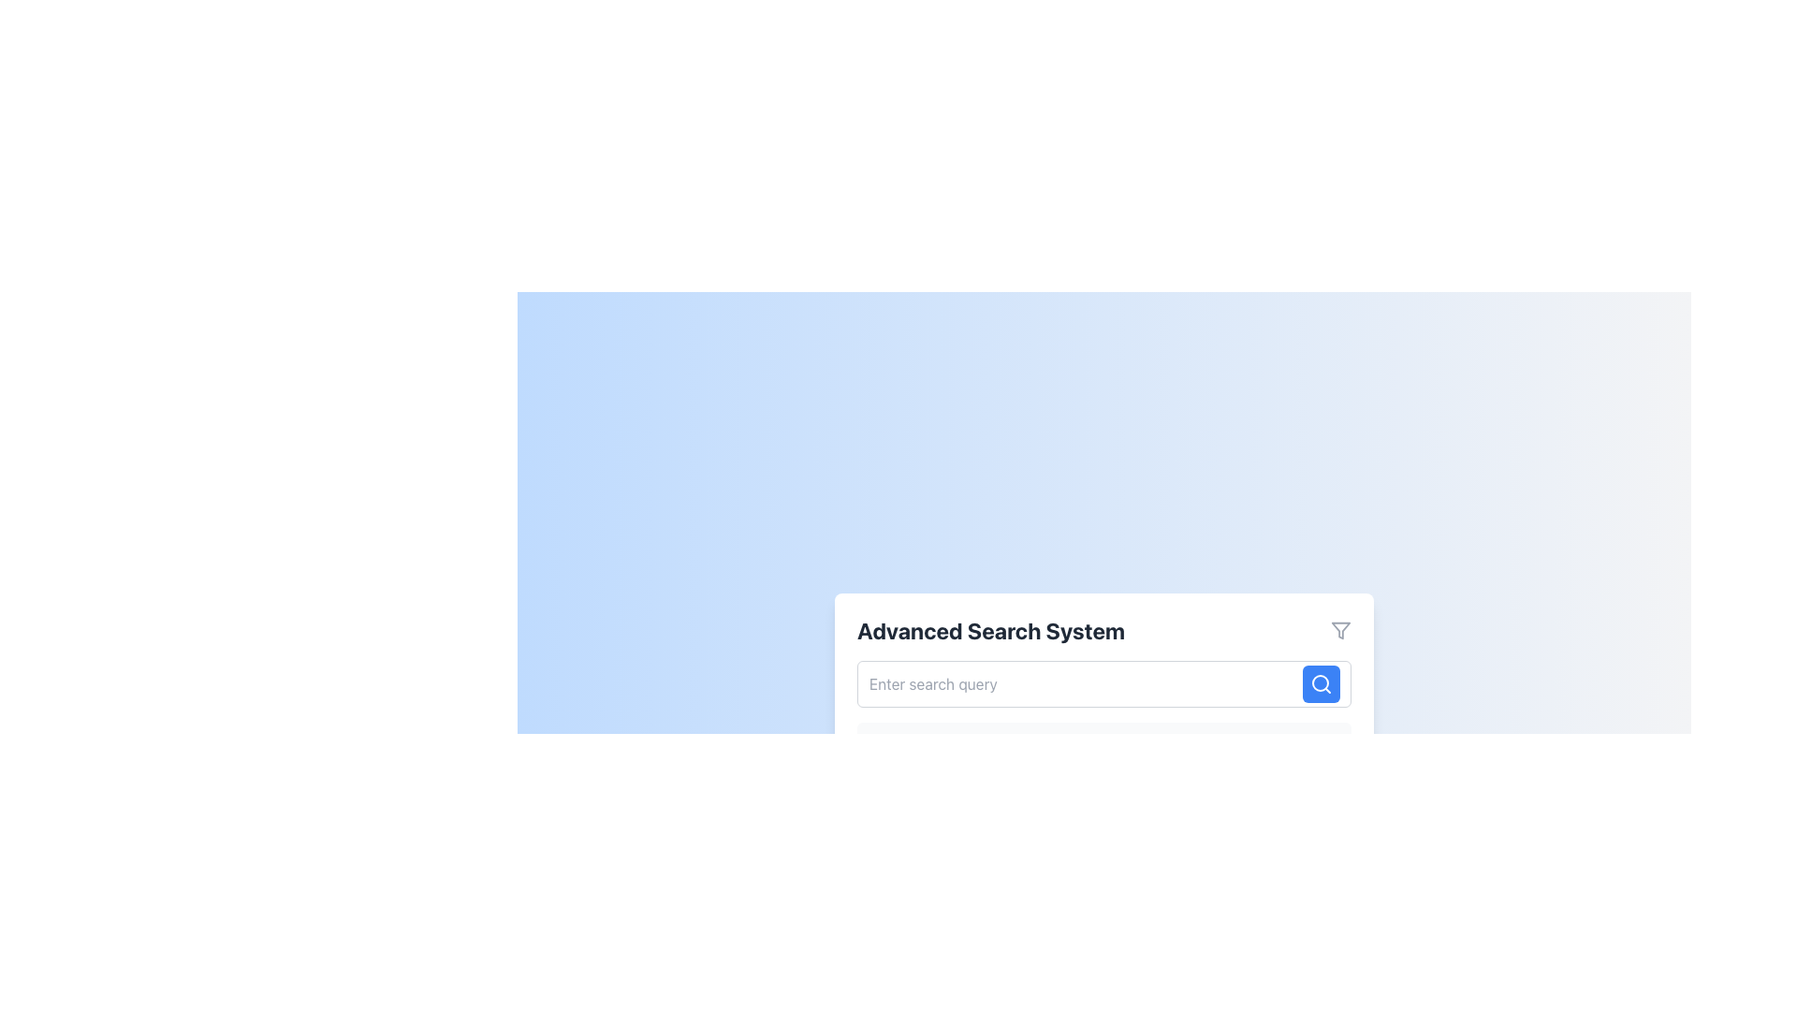 This screenshot has height=1011, width=1797. What do you see at coordinates (1320, 684) in the screenshot?
I see `the circular blue button with a white magnifying glass icon at its center, located at the right end of the 'Enter search query' input field for keyboard navigation` at bounding box center [1320, 684].